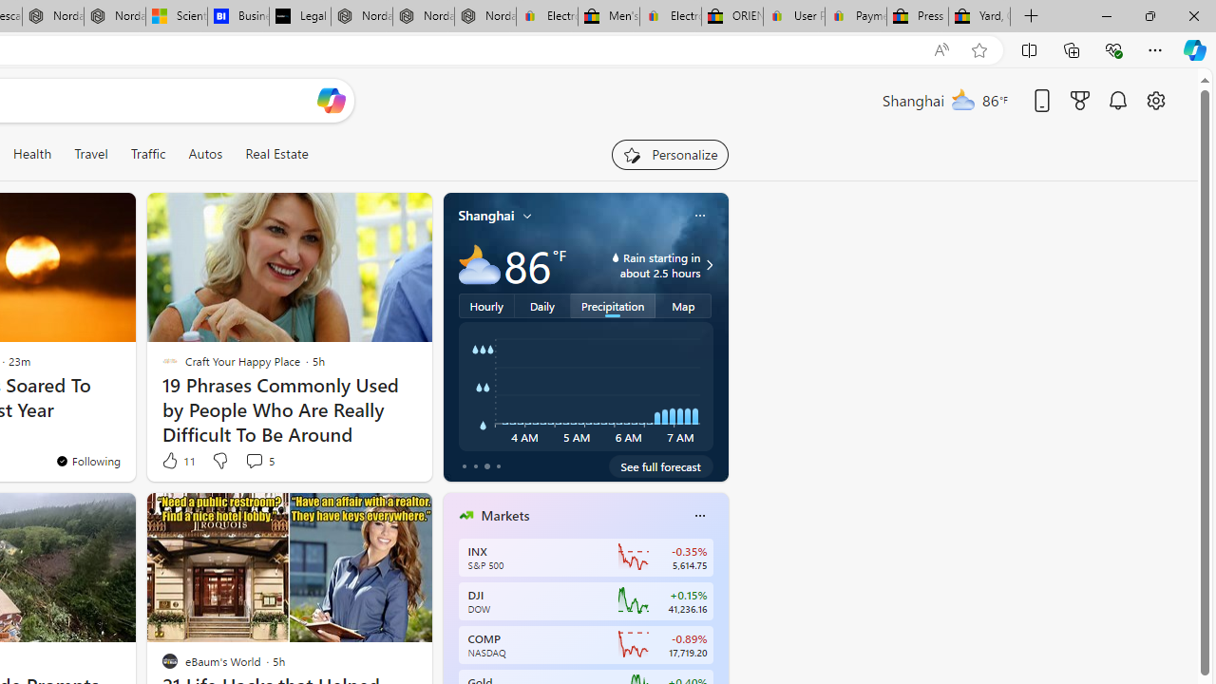 The image size is (1216, 684). I want to click on 'tab-3', so click(498, 466).